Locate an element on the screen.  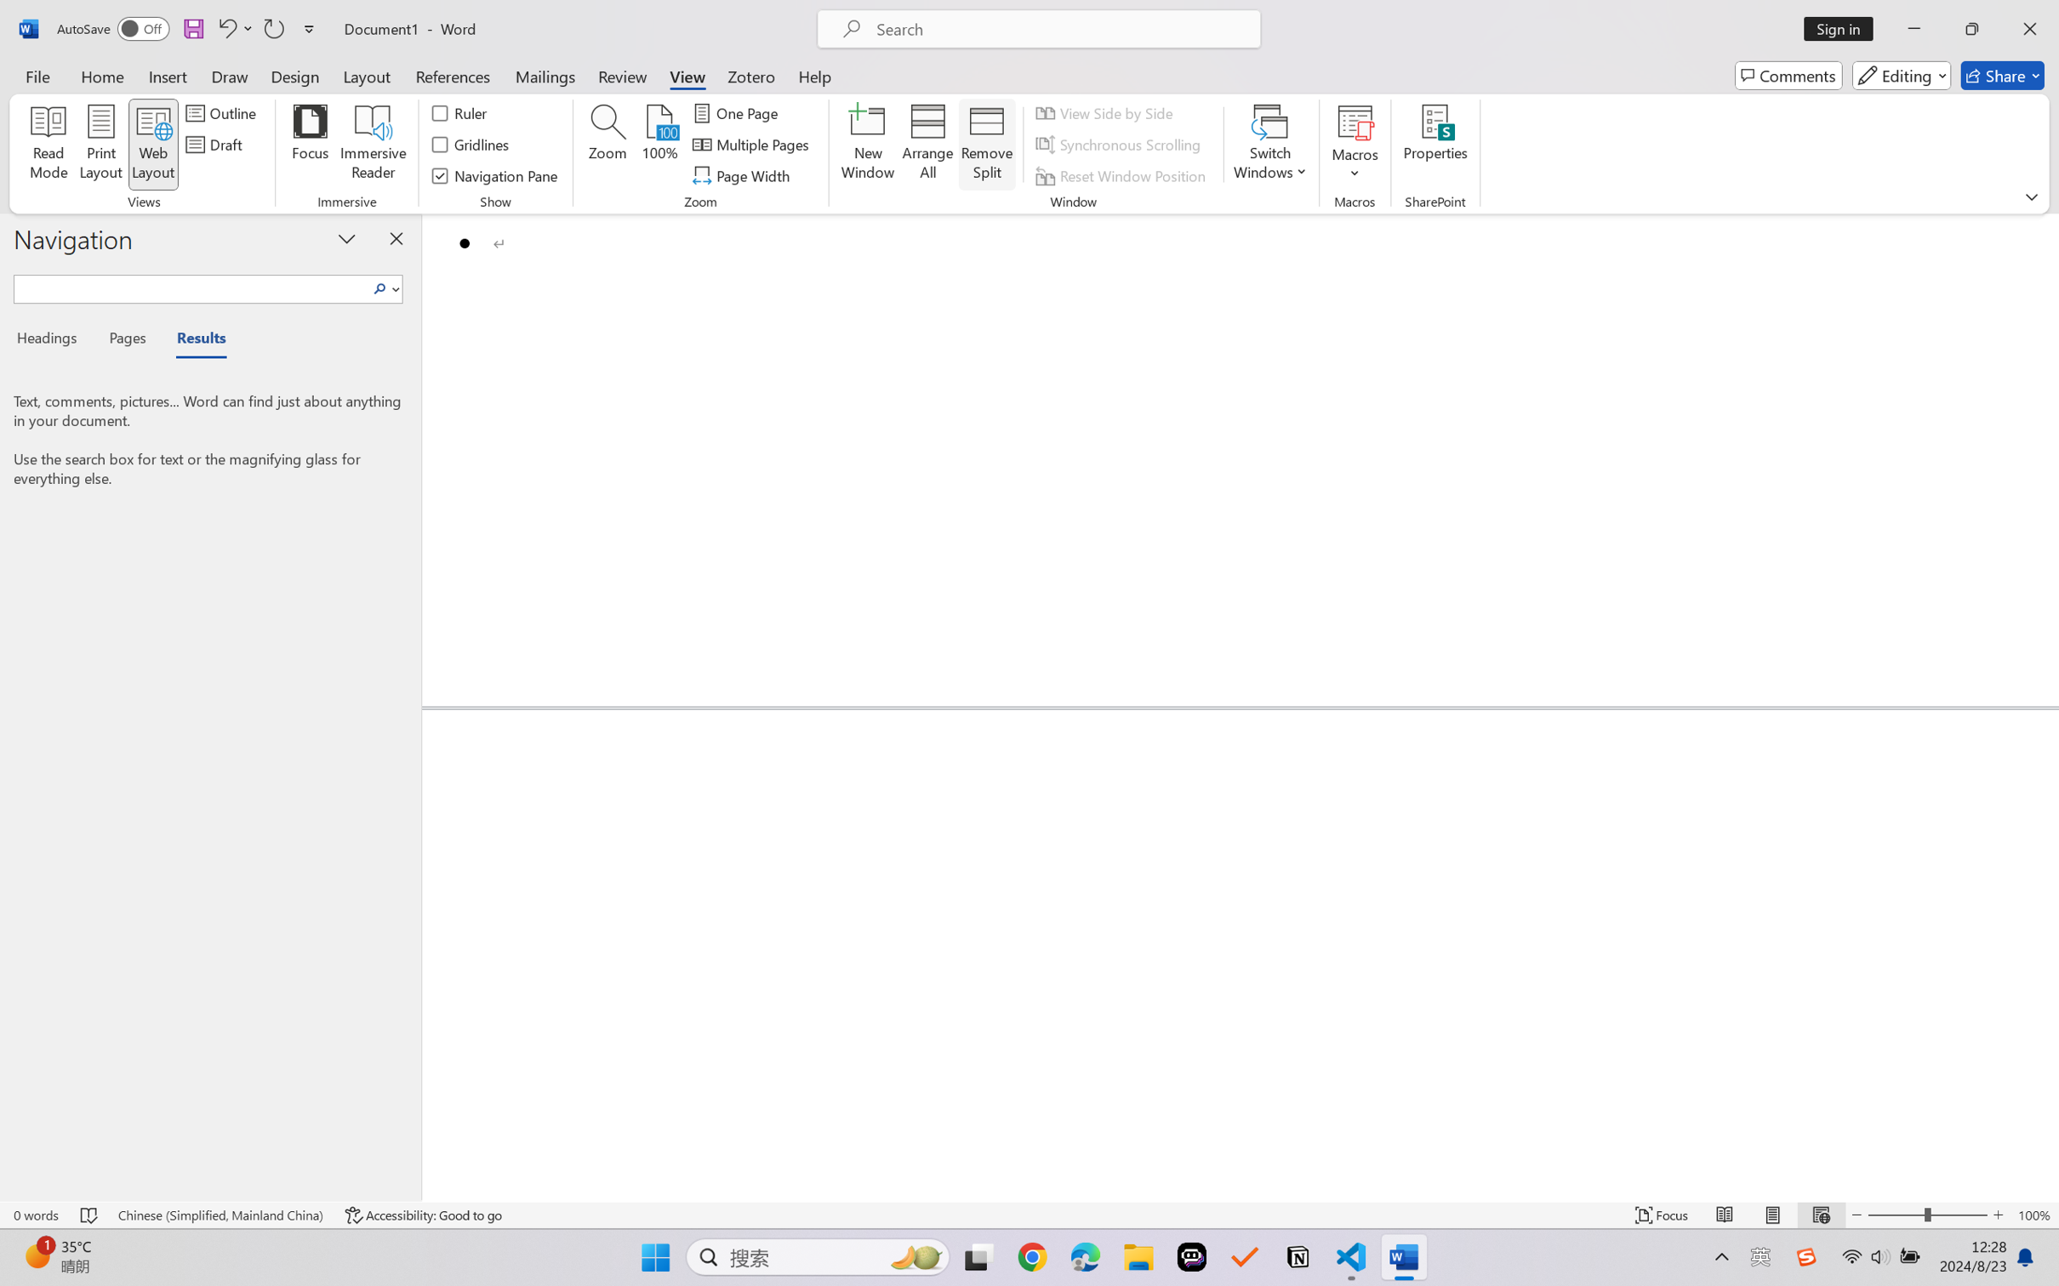
'Headings' is located at coordinates (52, 341).